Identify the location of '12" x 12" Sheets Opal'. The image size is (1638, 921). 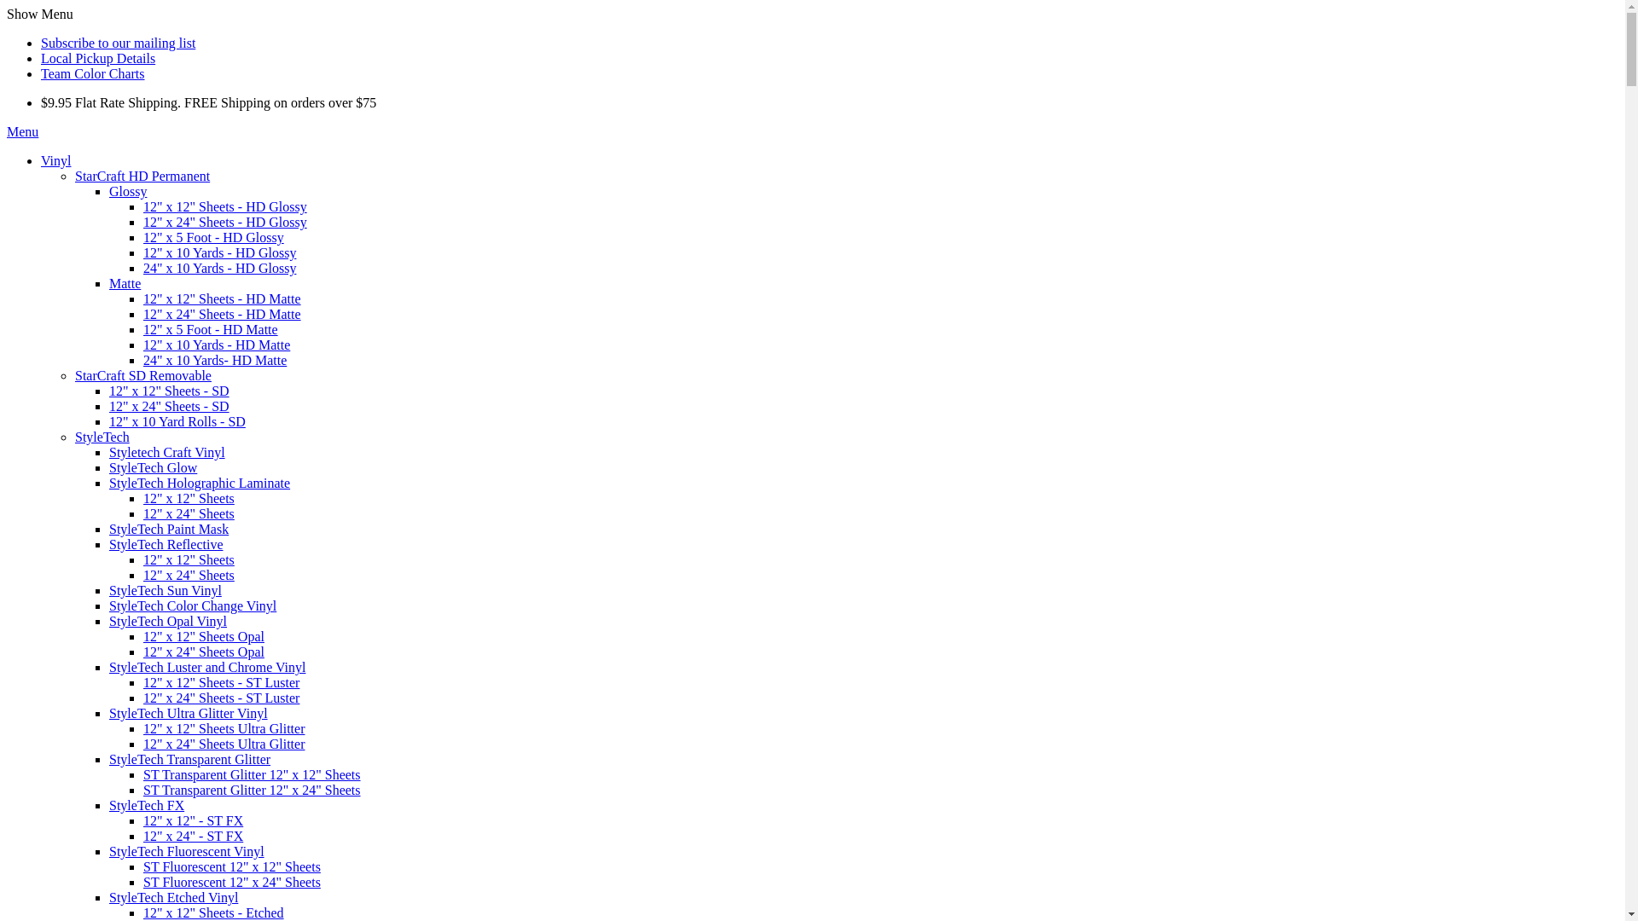
(143, 636).